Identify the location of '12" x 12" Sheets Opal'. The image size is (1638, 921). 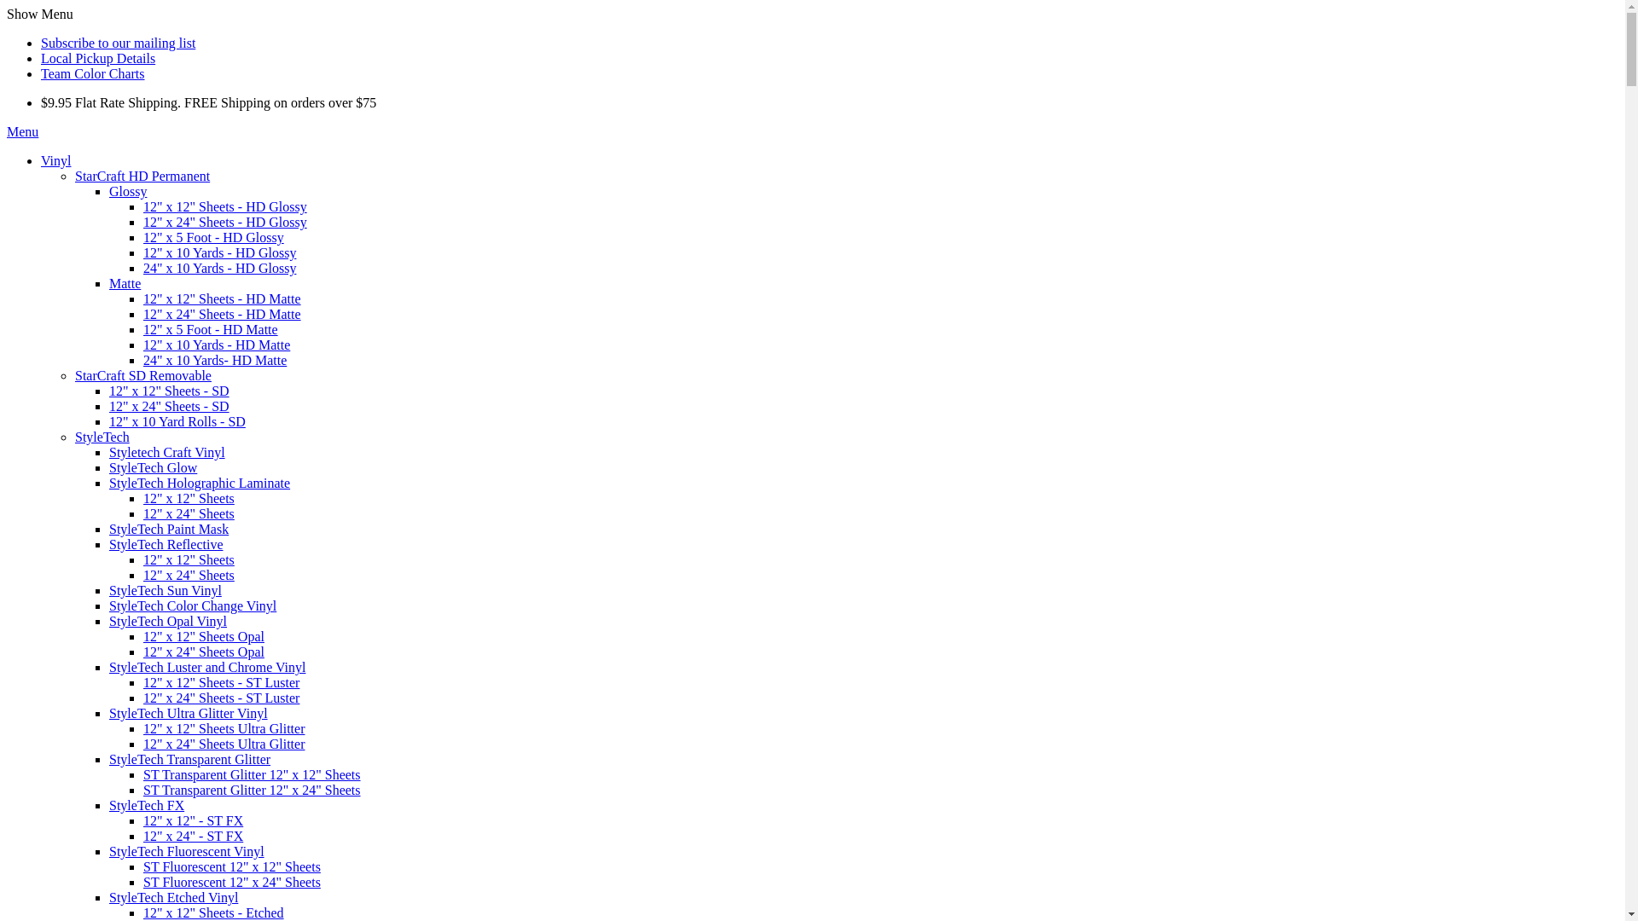
(143, 636).